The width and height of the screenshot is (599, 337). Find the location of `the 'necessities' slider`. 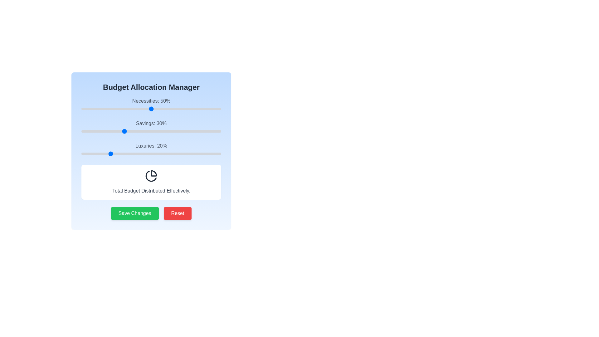

the 'necessities' slider is located at coordinates (126, 108).